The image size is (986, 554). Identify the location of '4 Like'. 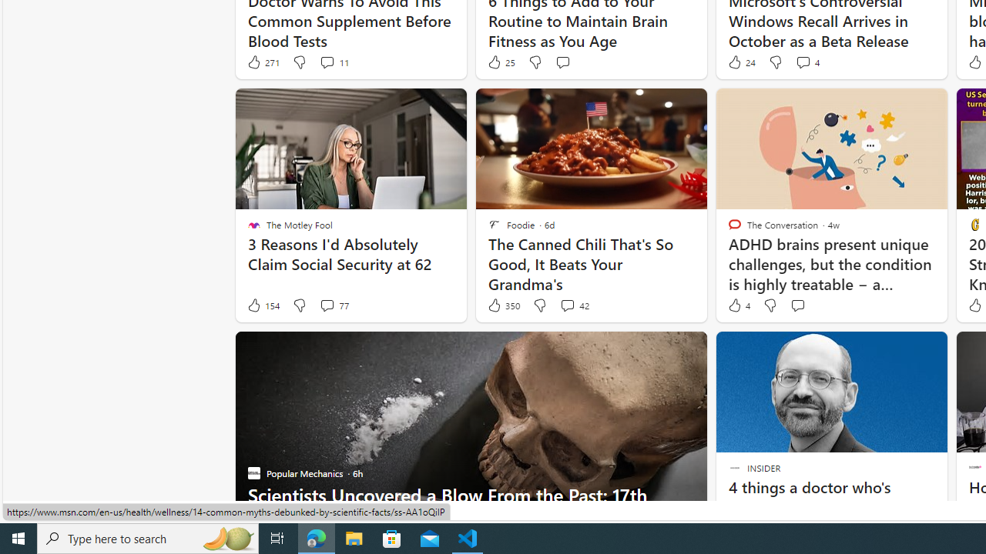
(737, 305).